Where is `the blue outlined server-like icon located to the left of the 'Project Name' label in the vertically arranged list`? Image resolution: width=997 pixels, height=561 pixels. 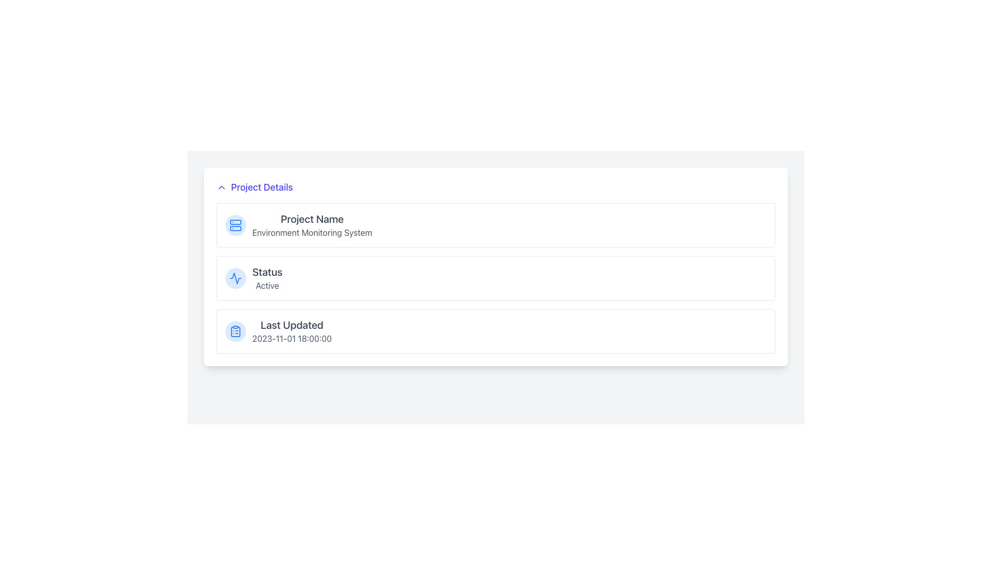
the blue outlined server-like icon located to the left of the 'Project Name' label in the vertically arranged list is located at coordinates (235, 225).